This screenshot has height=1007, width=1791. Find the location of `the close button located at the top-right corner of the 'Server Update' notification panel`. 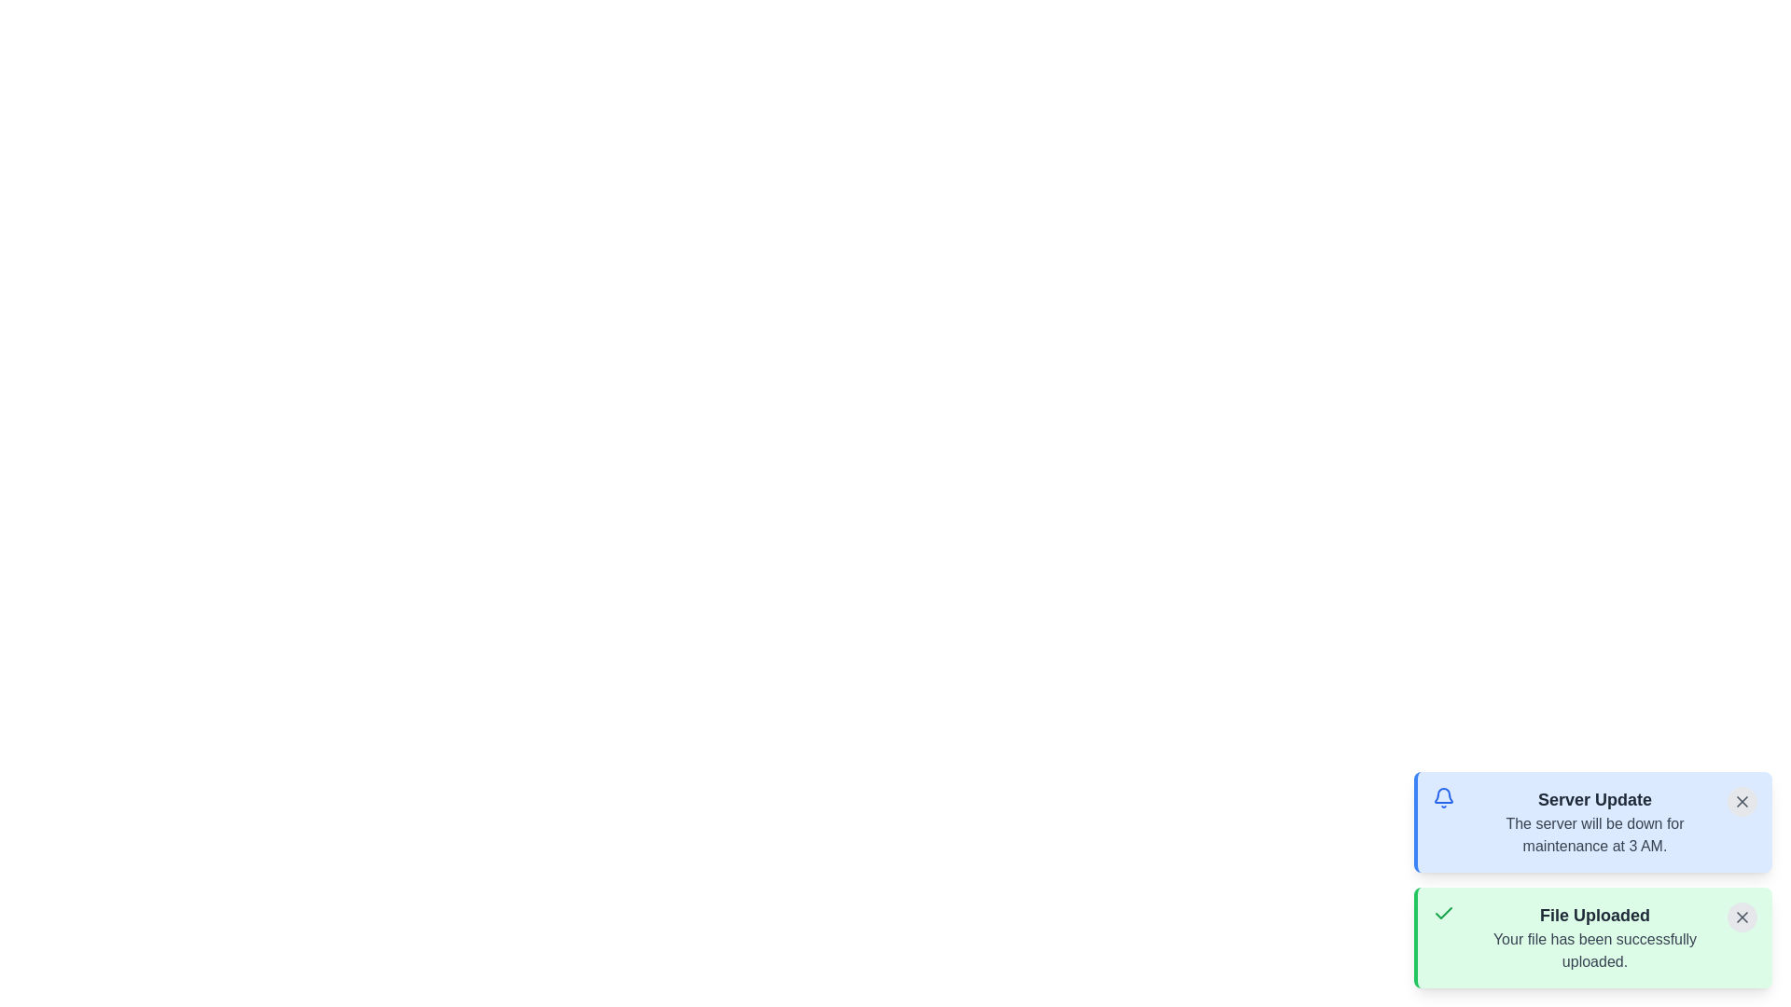

the close button located at the top-right corner of the 'Server Update' notification panel is located at coordinates (1741, 801).